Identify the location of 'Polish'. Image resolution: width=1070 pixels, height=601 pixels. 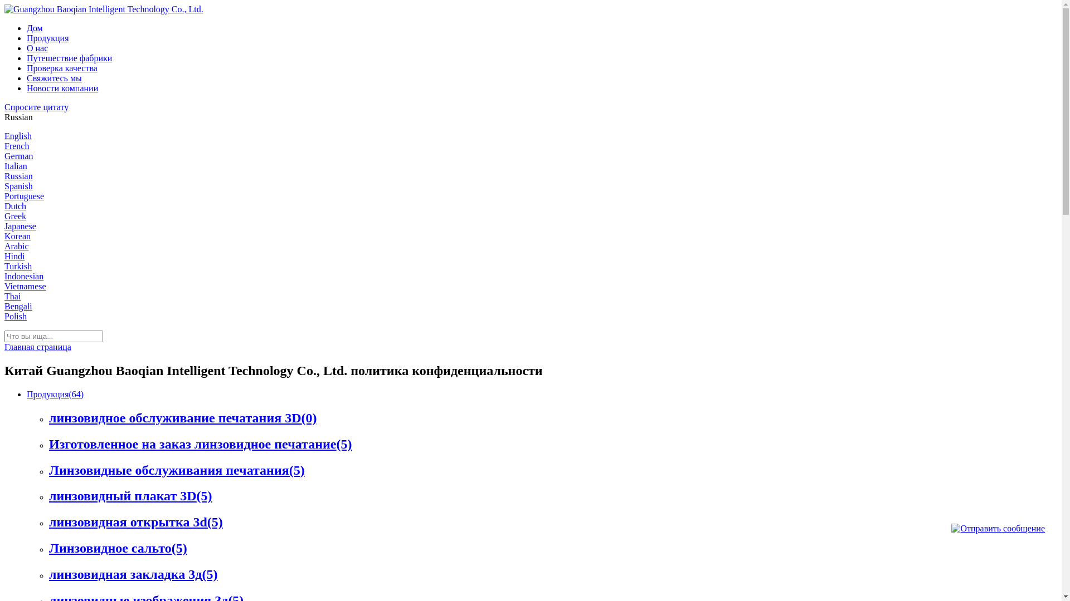
(16, 316).